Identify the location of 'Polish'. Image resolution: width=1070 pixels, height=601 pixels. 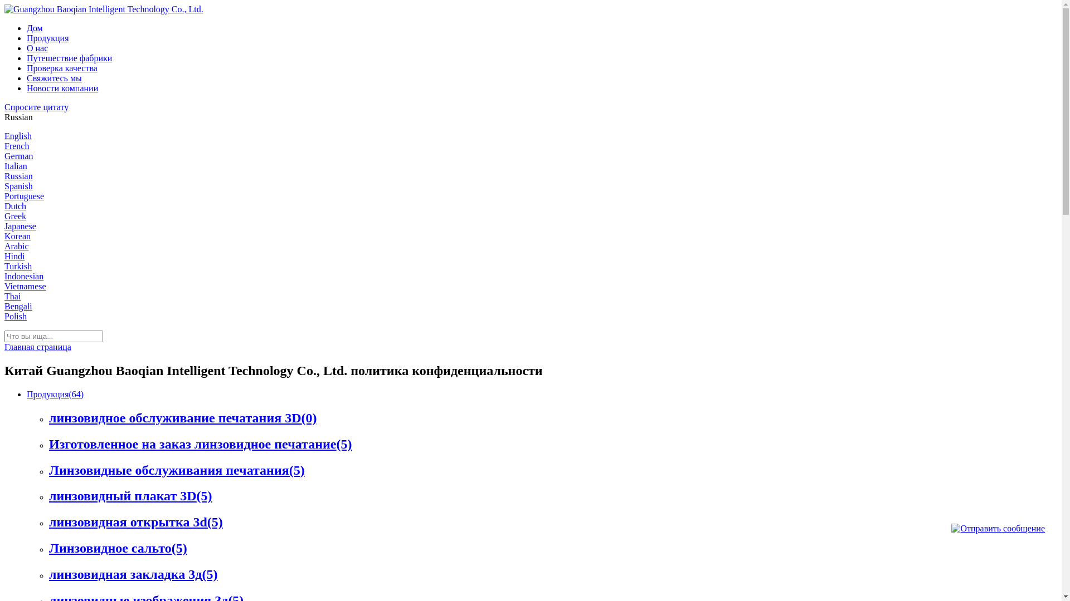
(16, 316).